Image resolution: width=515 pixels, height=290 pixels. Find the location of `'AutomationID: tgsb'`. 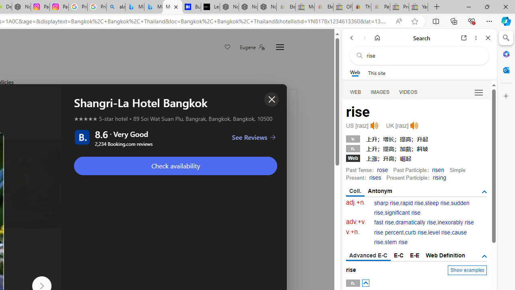

'AutomationID: tgsb' is located at coordinates (484, 192).